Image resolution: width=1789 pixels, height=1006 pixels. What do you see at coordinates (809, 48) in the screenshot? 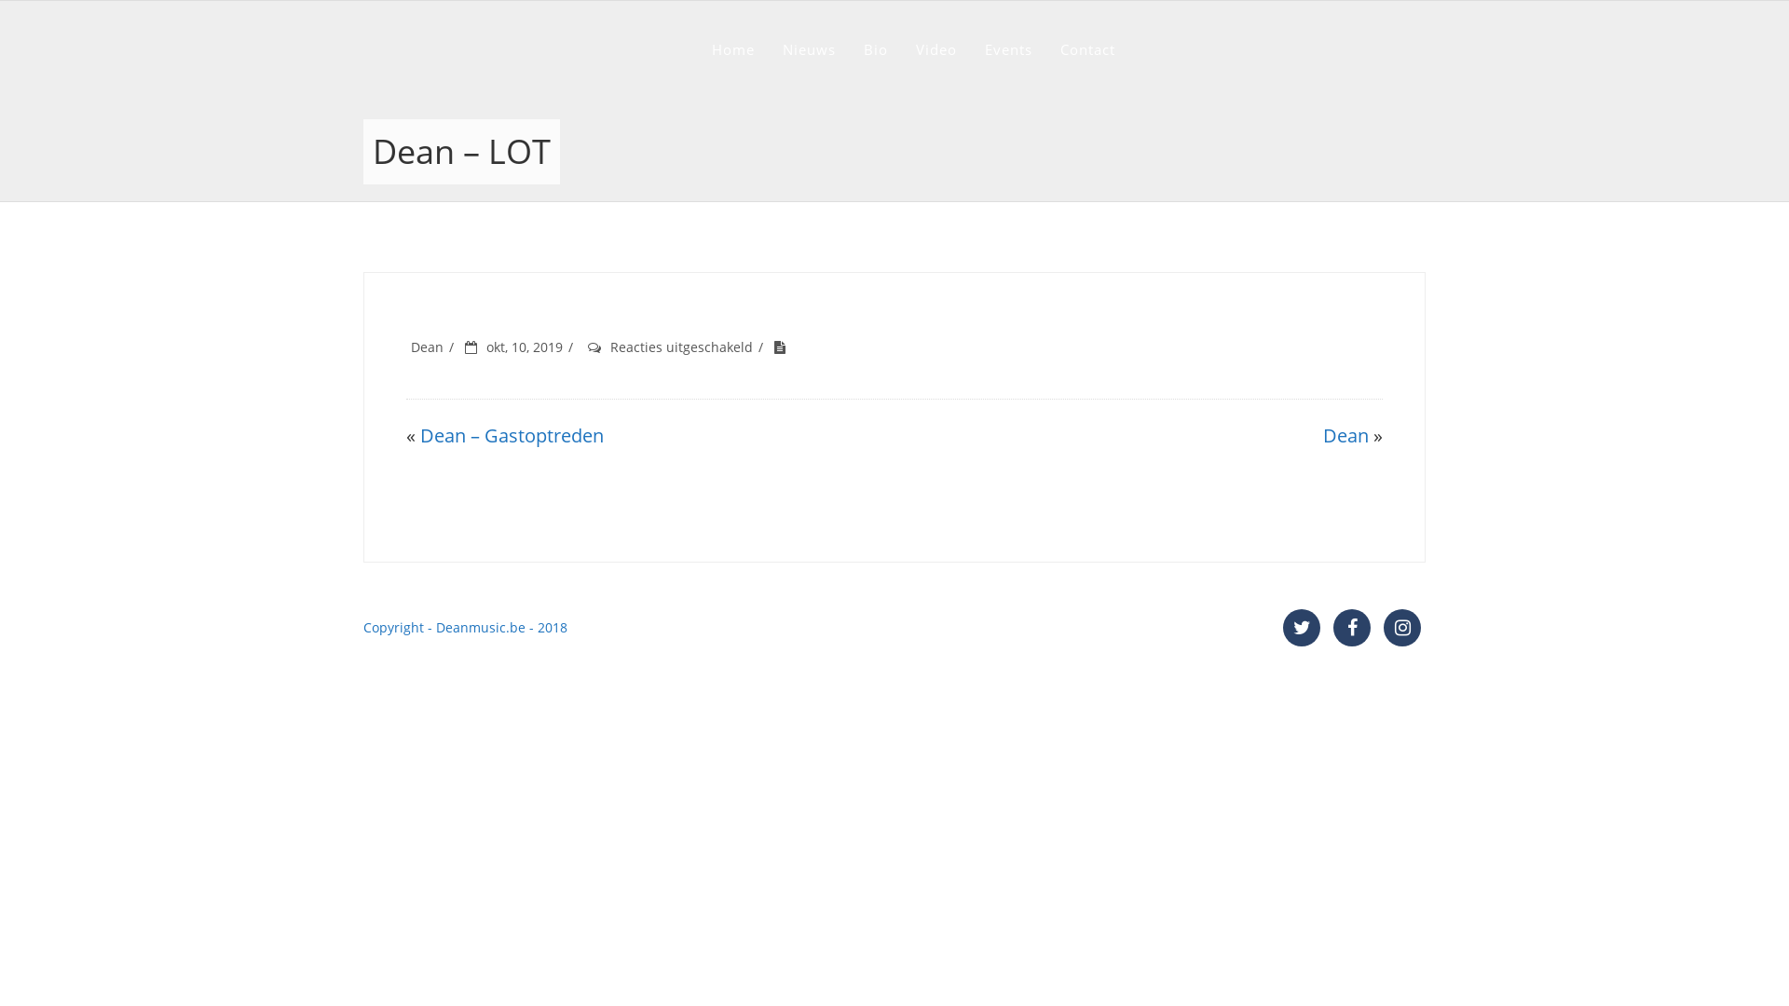
I see `'Nieuws'` at bounding box center [809, 48].